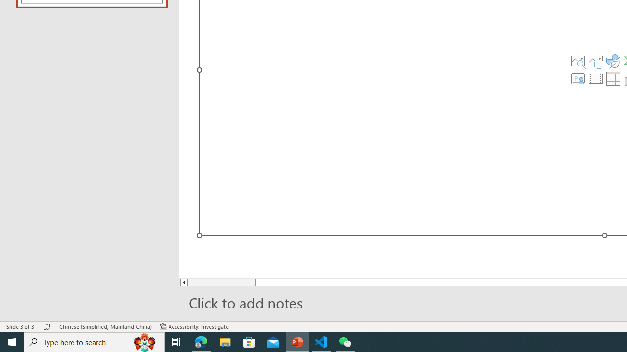 The height and width of the screenshot is (352, 627). Describe the element at coordinates (12, 341) in the screenshot. I see `'Start'` at that location.